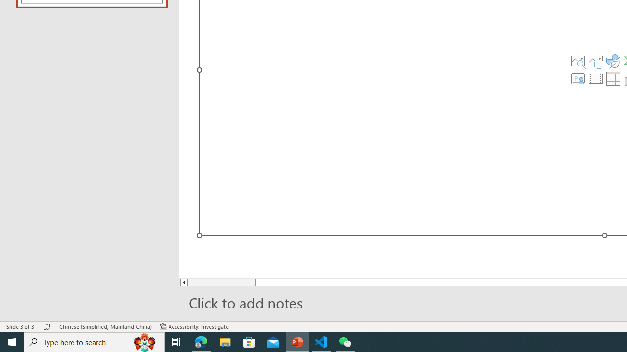 The height and width of the screenshot is (352, 627). Describe the element at coordinates (12, 341) in the screenshot. I see `'Start'` at that location.